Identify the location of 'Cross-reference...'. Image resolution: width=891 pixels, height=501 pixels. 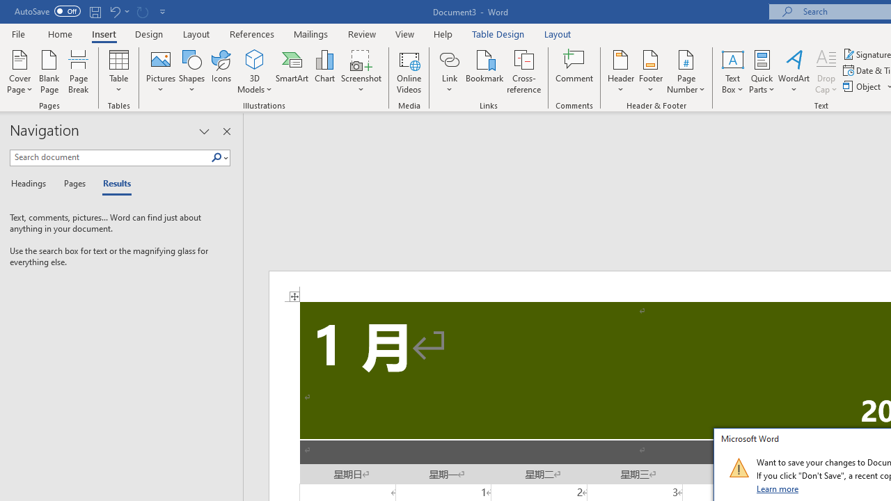
(523, 72).